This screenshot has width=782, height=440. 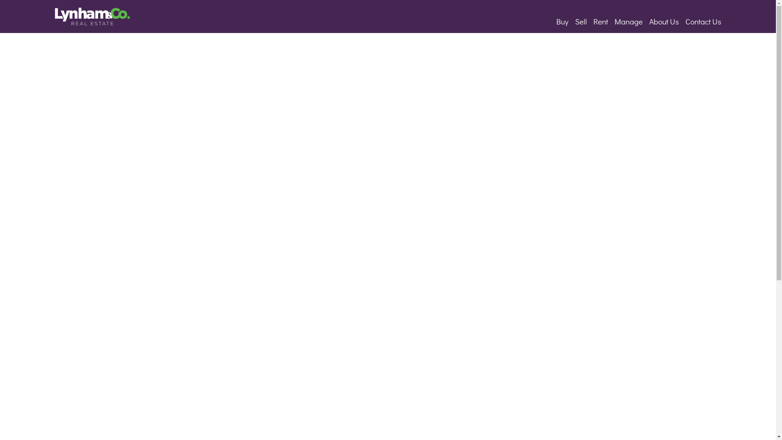 What do you see at coordinates (562, 21) in the screenshot?
I see `'Buy'` at bounding box center [562, 21].